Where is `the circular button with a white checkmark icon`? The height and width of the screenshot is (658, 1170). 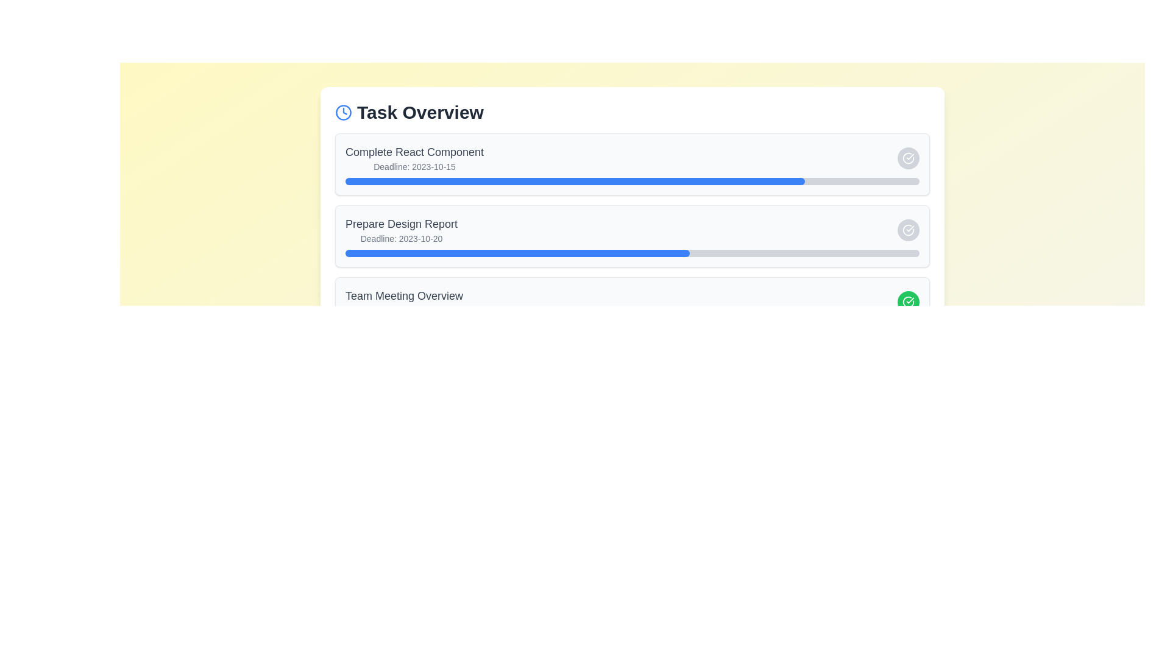 the circular button with a white checkmark icon is located at coordinates (909, 157).